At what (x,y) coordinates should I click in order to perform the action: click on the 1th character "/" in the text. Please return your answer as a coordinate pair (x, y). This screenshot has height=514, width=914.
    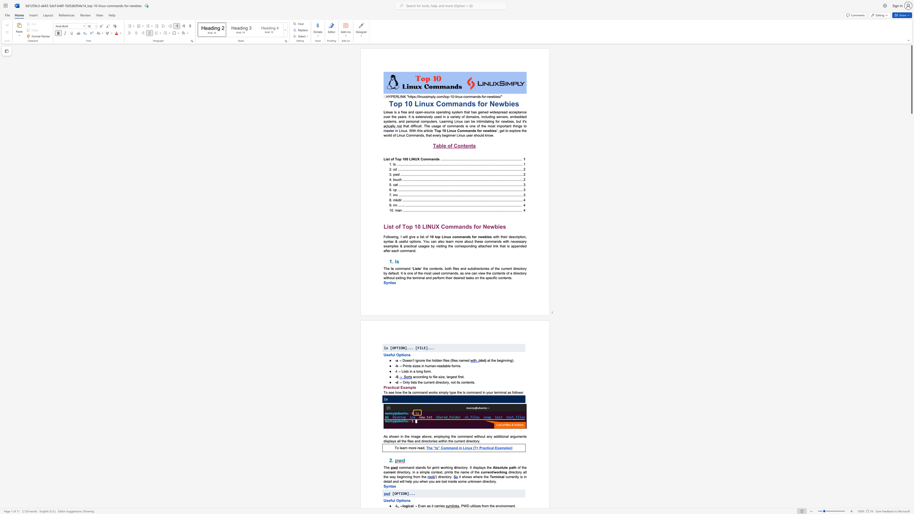
    Looking at the image, I should click on (435, 476).